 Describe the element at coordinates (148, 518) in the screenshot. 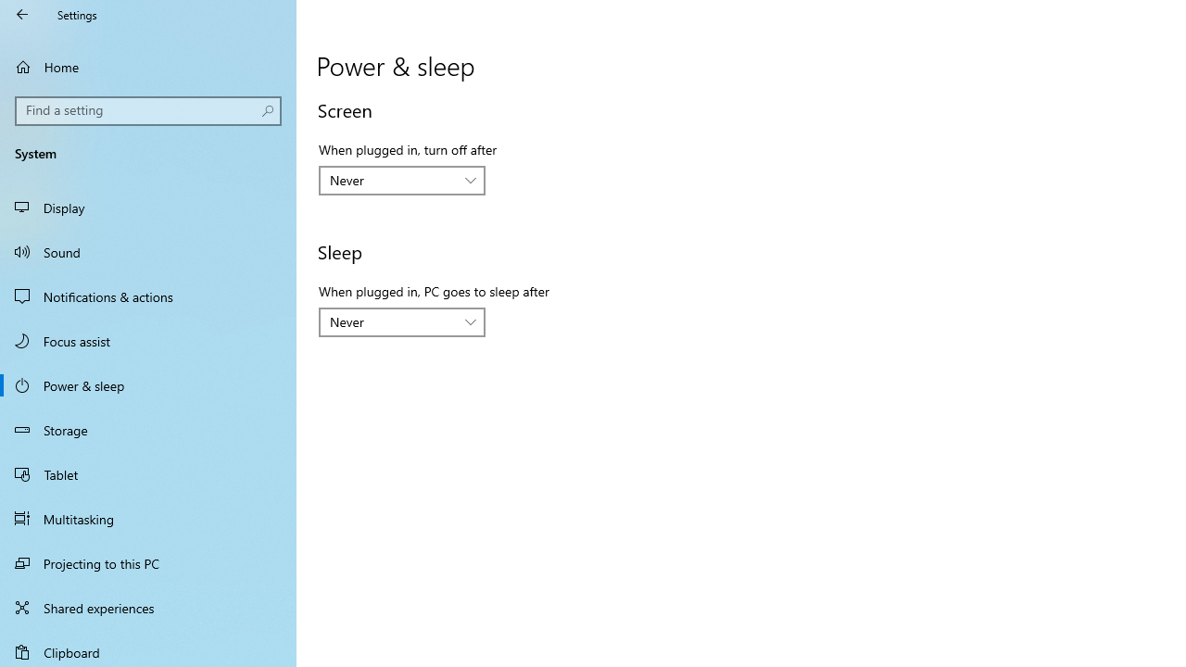

I see `'Multitasking'` at that location.